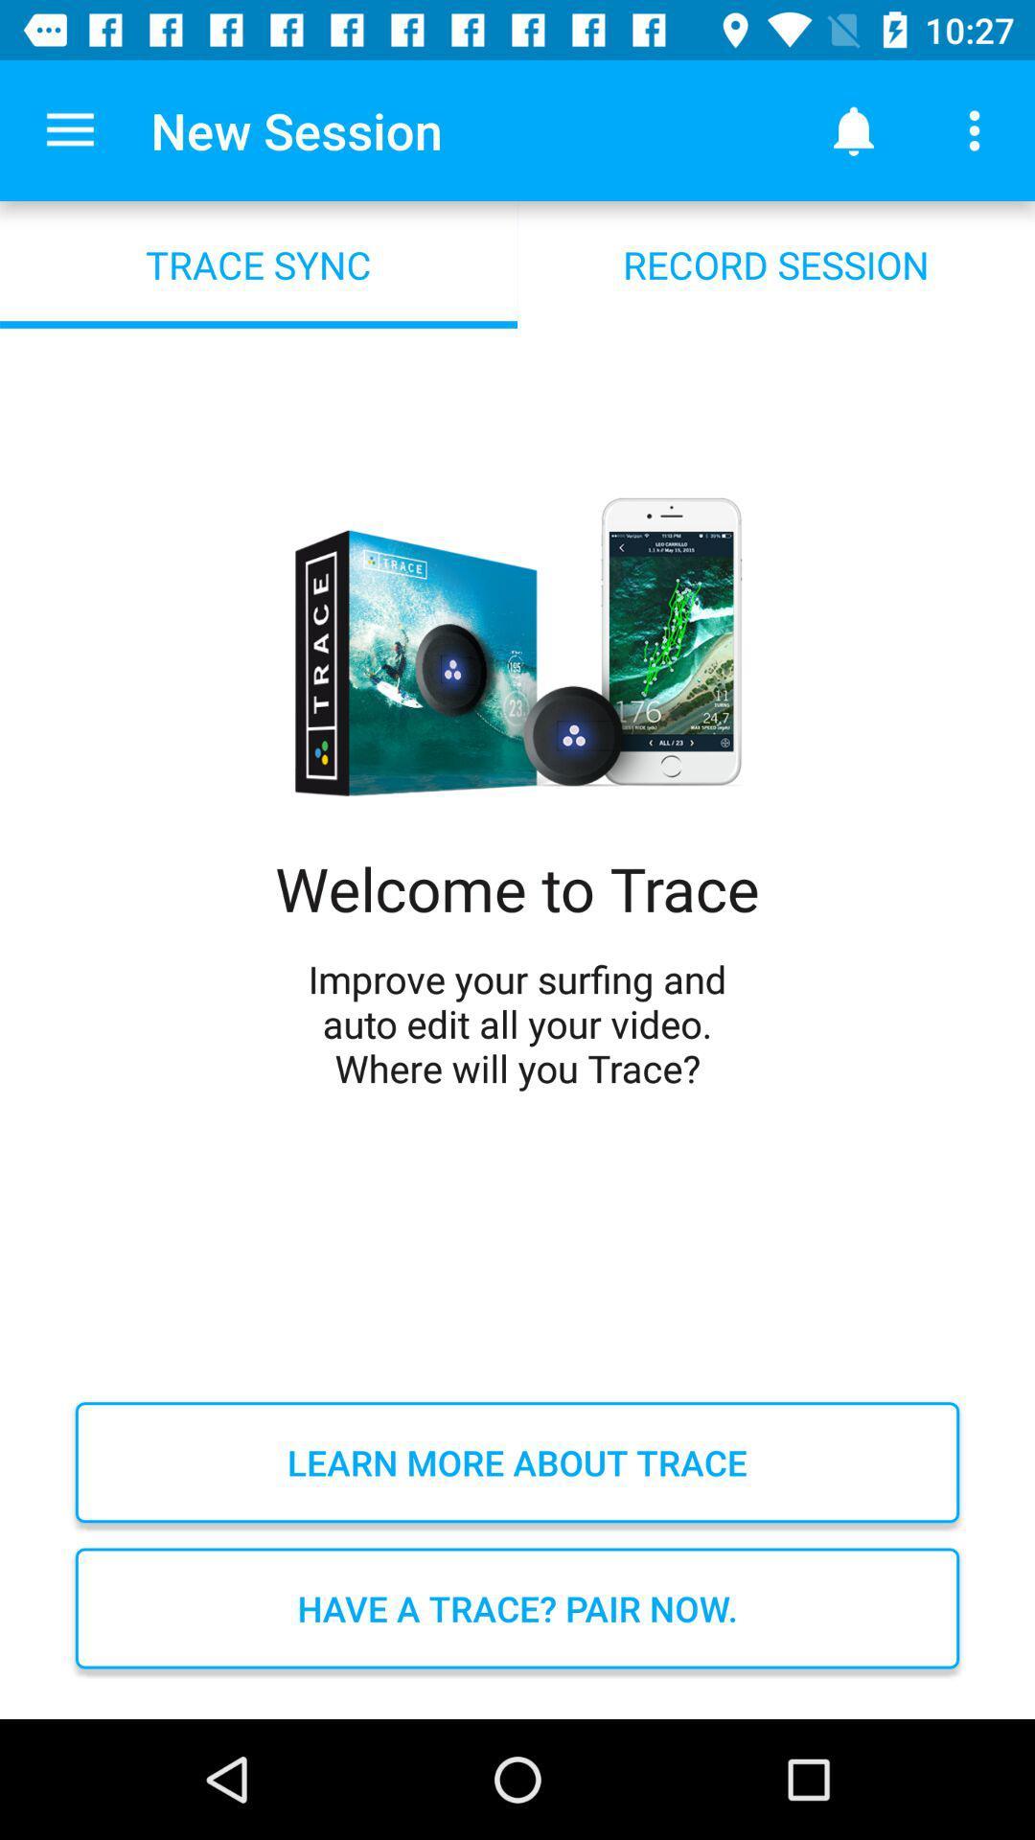 Image resolution: width=1035 pixels, height=1840 pixels. What do you see at coordinates (69, 129) in the screenshot?
I see `item next to the new session app` at bounding box center [69, 129].